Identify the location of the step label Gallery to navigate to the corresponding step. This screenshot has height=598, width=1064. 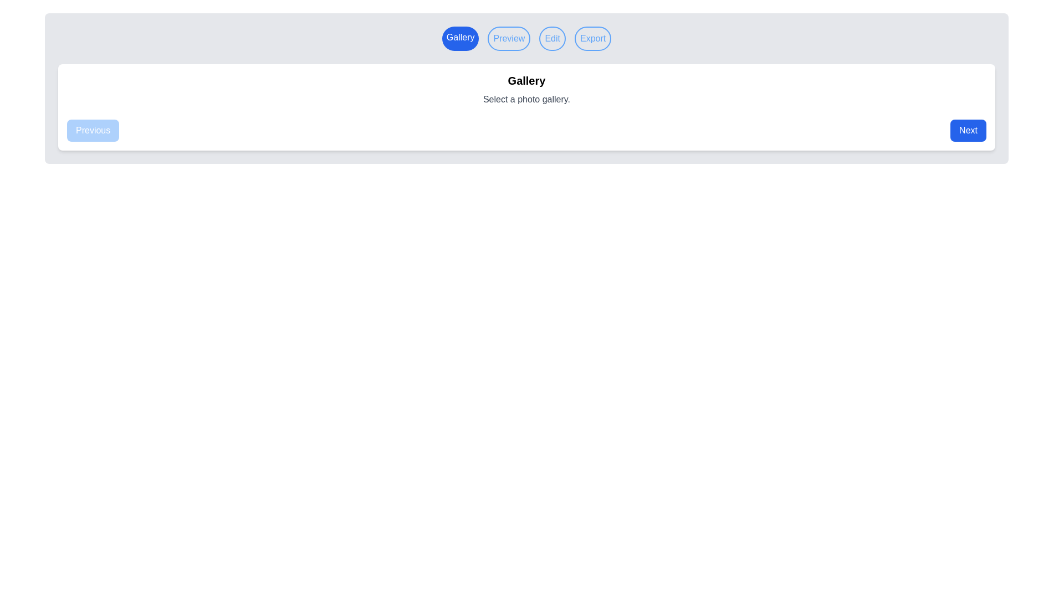
(461, 38).